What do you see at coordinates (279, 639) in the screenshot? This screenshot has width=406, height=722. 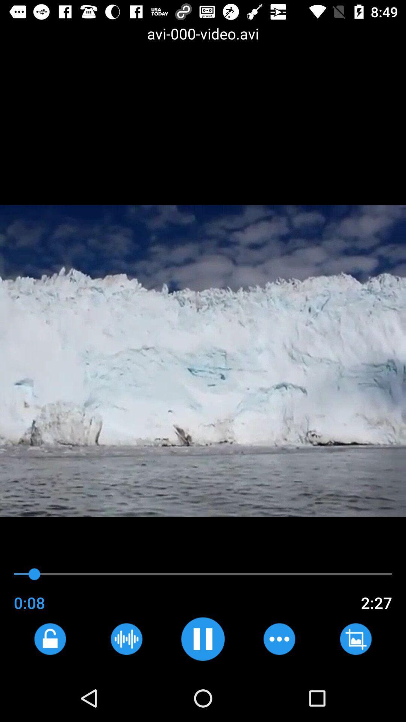 I see `skip ahead` at bounding box center [279, 639].